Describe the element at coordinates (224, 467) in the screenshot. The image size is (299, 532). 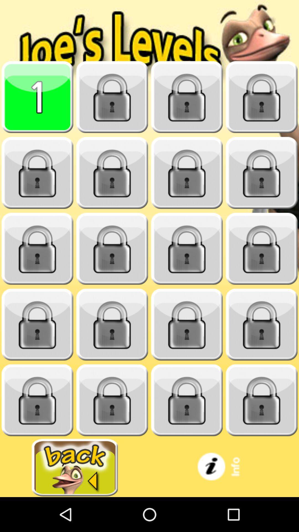
I see `information` at that location.